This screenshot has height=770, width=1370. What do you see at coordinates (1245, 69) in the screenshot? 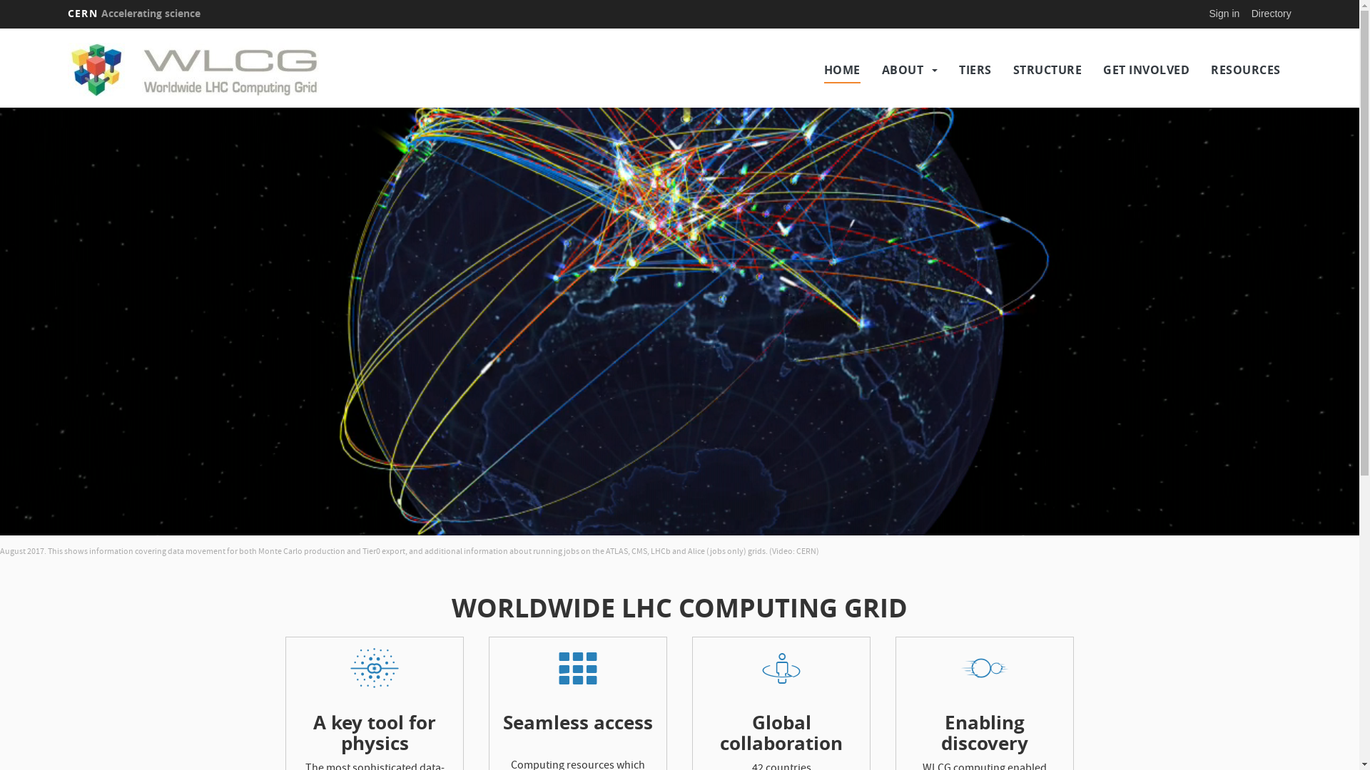
I see `'RESOURCES'` at bounding box center [1245, 69].